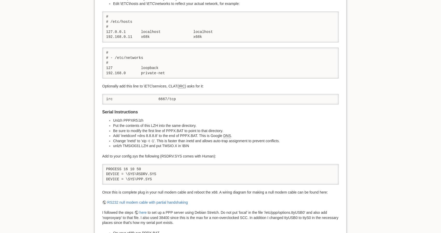 The image size is (441, 233). What do you see at coordinates (168, 135) in the screenshot?
I see `'Add 'inetdconf +dns 8.8.8.8' to the end of PPPX.BAT. This is Google'` at bounding box center [168, 135].